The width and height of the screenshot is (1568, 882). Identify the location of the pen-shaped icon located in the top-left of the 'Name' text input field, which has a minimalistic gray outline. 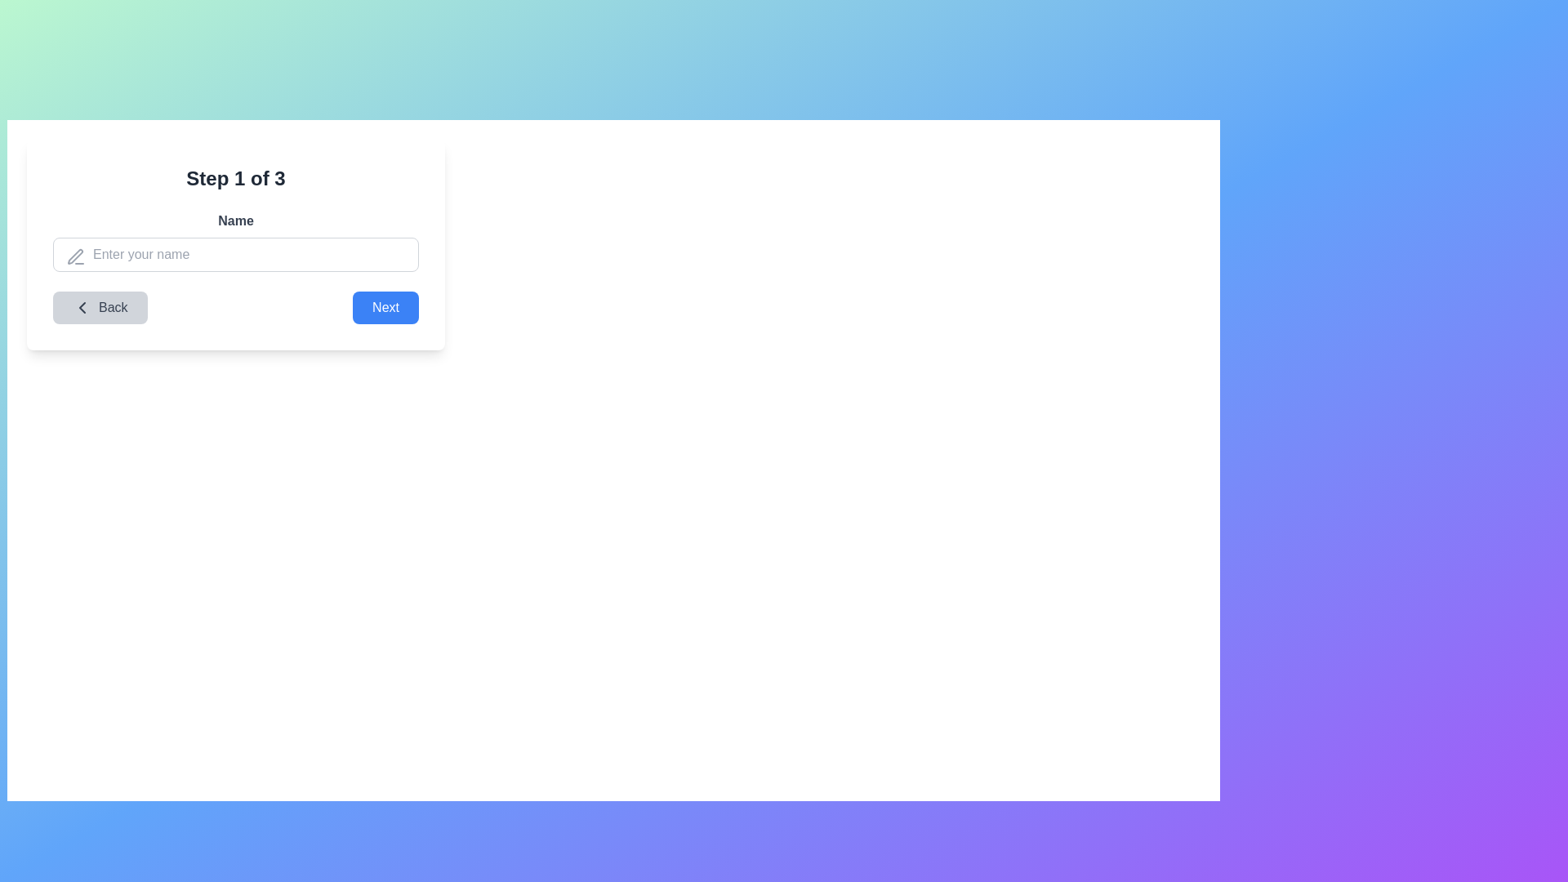
(74, 256).